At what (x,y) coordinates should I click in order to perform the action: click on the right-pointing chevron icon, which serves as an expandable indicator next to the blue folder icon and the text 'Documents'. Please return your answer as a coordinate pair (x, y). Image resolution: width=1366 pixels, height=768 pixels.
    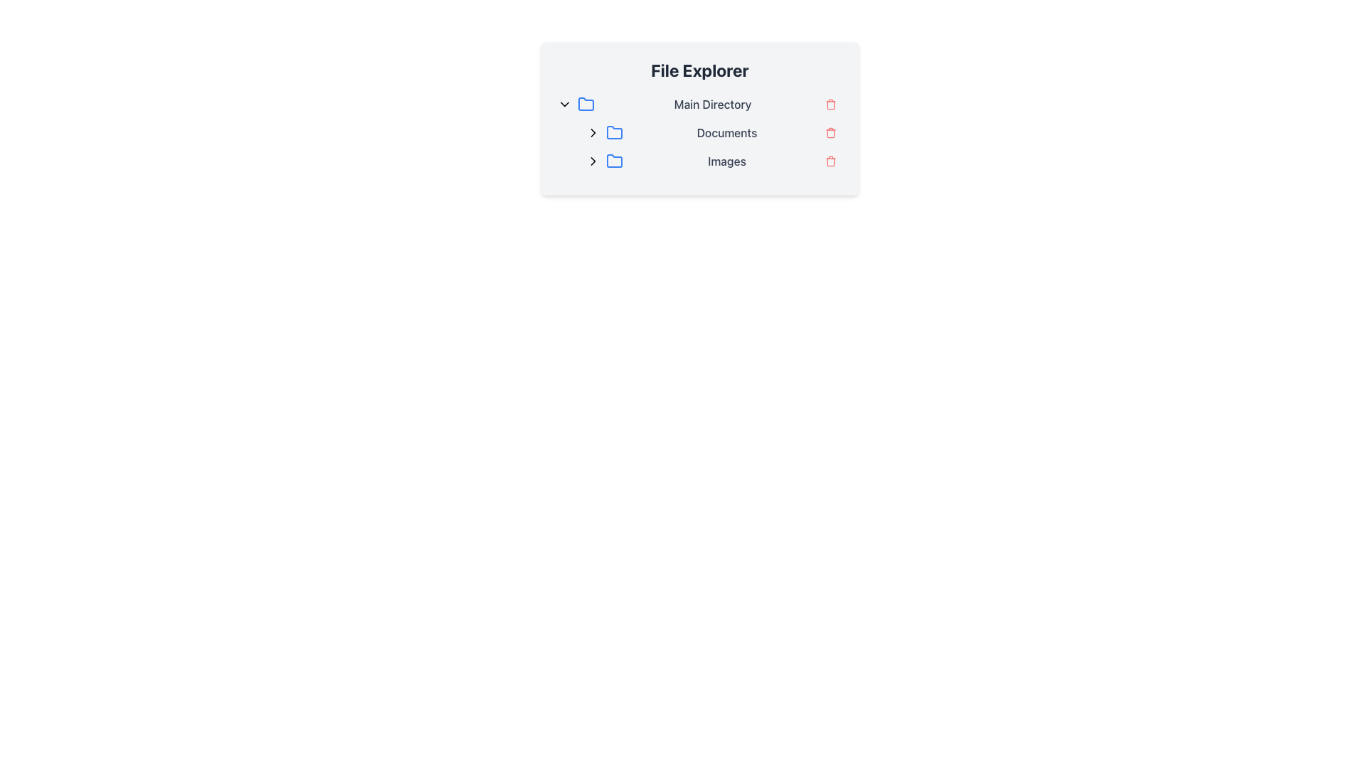
    Looking at the image, I should click on (593, 132).